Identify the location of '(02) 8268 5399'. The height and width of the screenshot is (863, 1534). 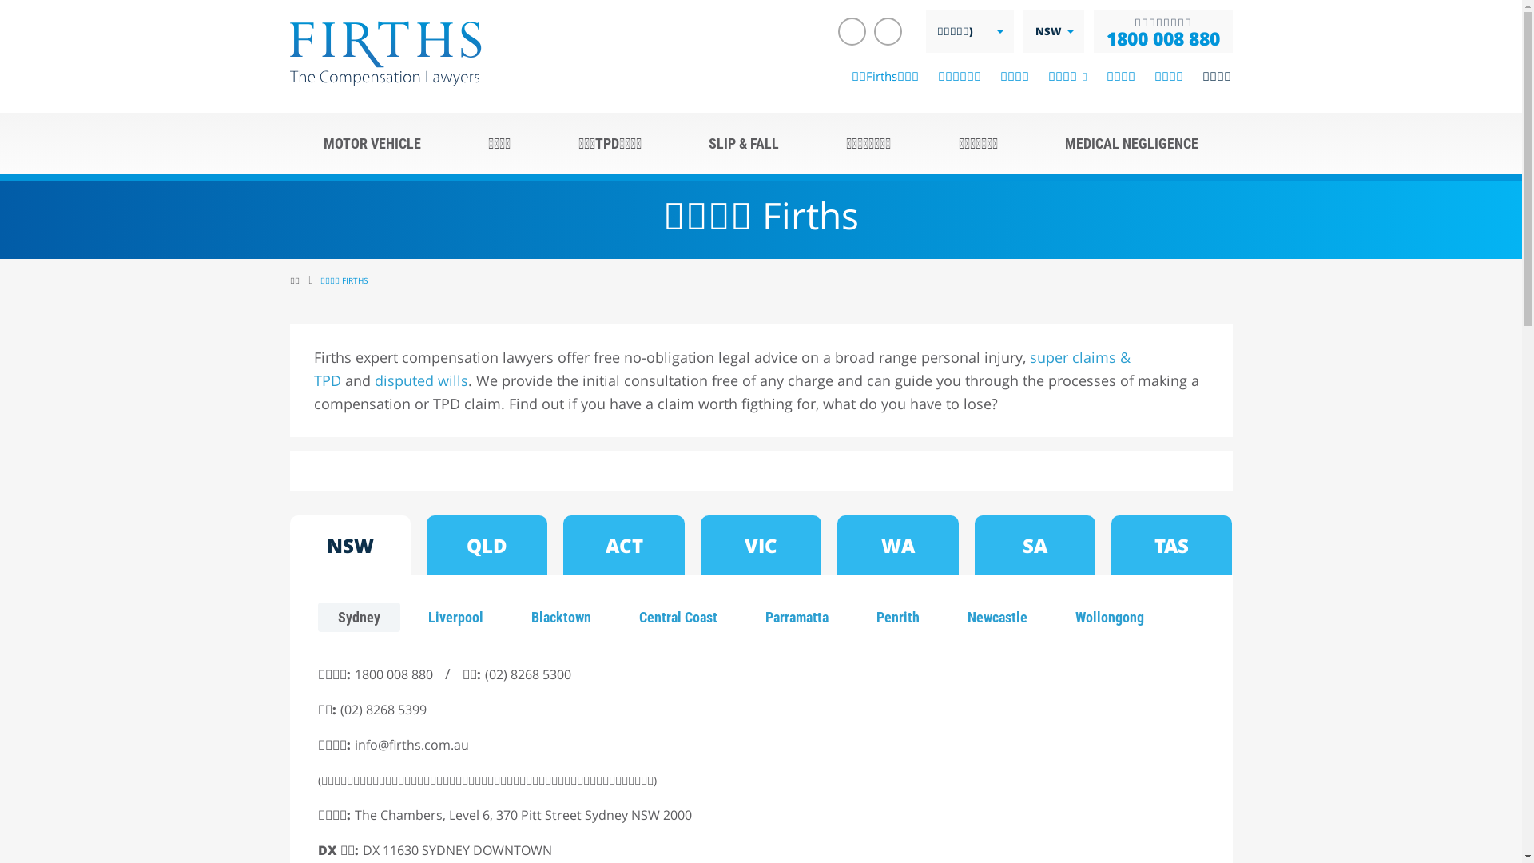
(340, 708).